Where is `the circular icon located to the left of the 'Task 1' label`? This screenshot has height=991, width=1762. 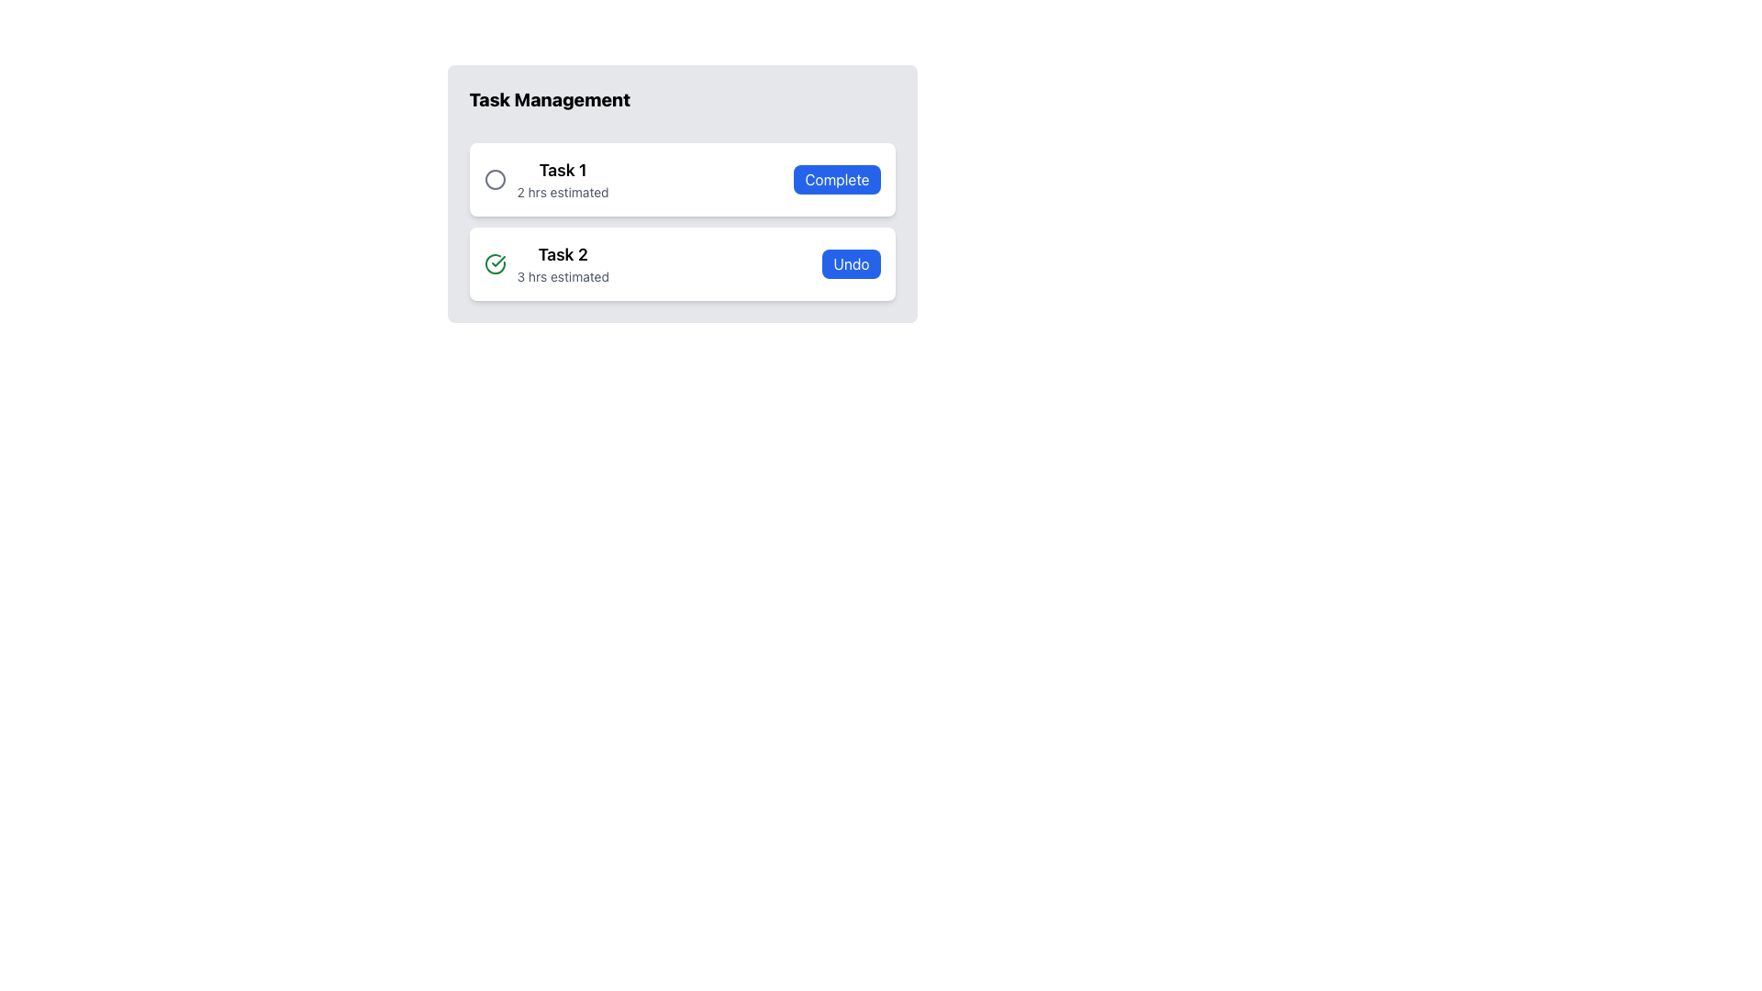
the circular icon located to the left of the 'Task 1' label is located at coordinates (495, 180).